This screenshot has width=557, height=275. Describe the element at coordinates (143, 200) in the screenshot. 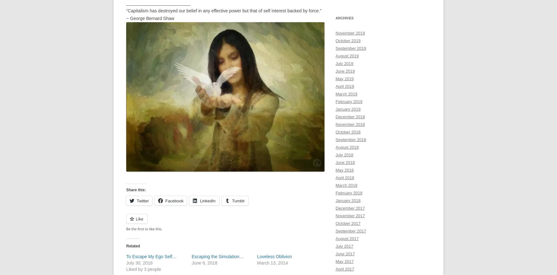

I see `'Twitter'` at that location.